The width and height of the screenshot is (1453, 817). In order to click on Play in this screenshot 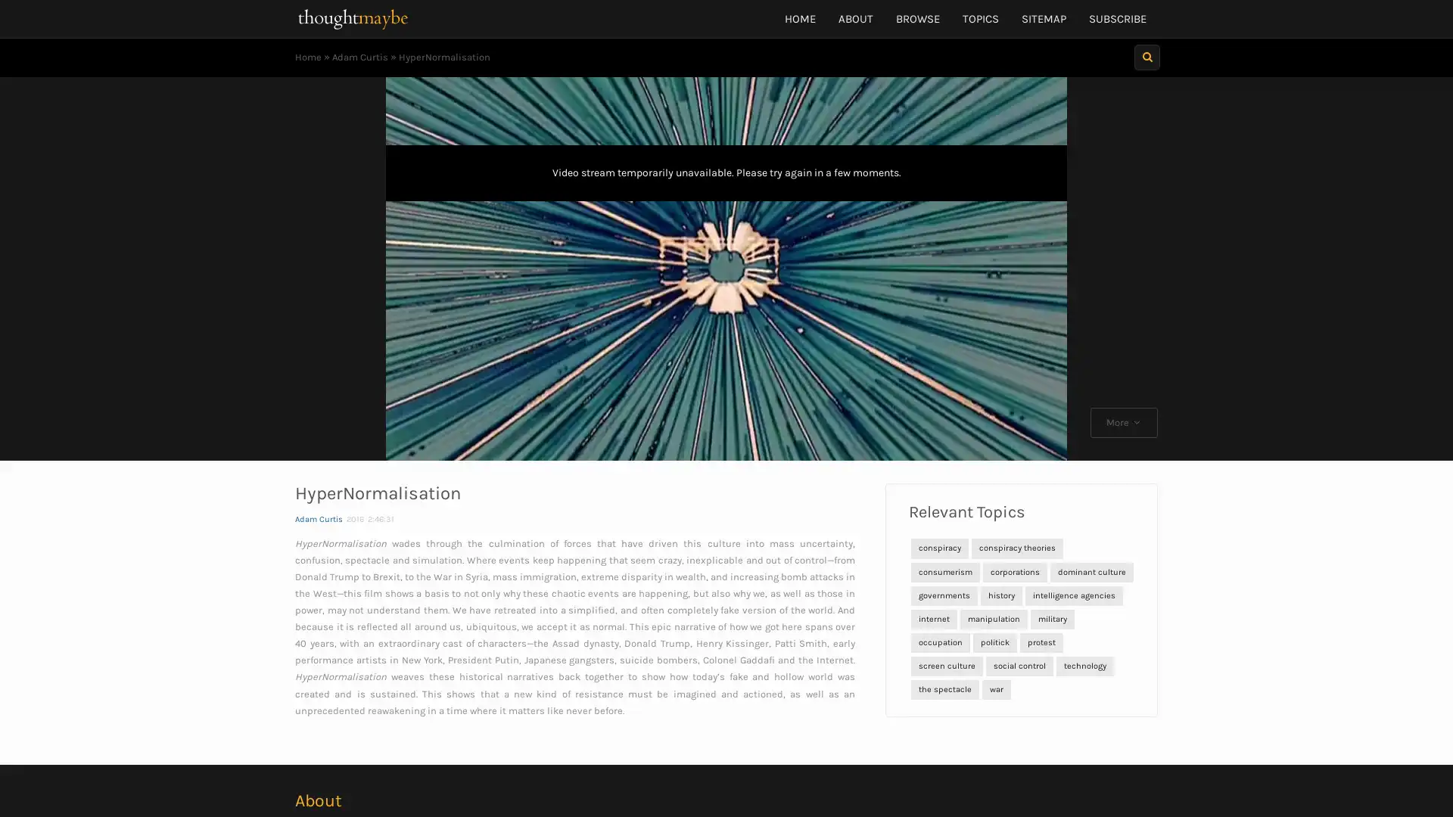, I will do `click(406, 445)`.